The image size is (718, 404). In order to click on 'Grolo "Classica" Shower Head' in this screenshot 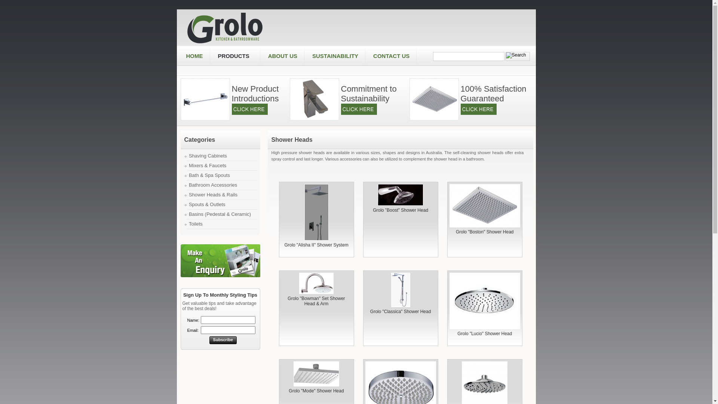, I will do `click(400, 290)`.